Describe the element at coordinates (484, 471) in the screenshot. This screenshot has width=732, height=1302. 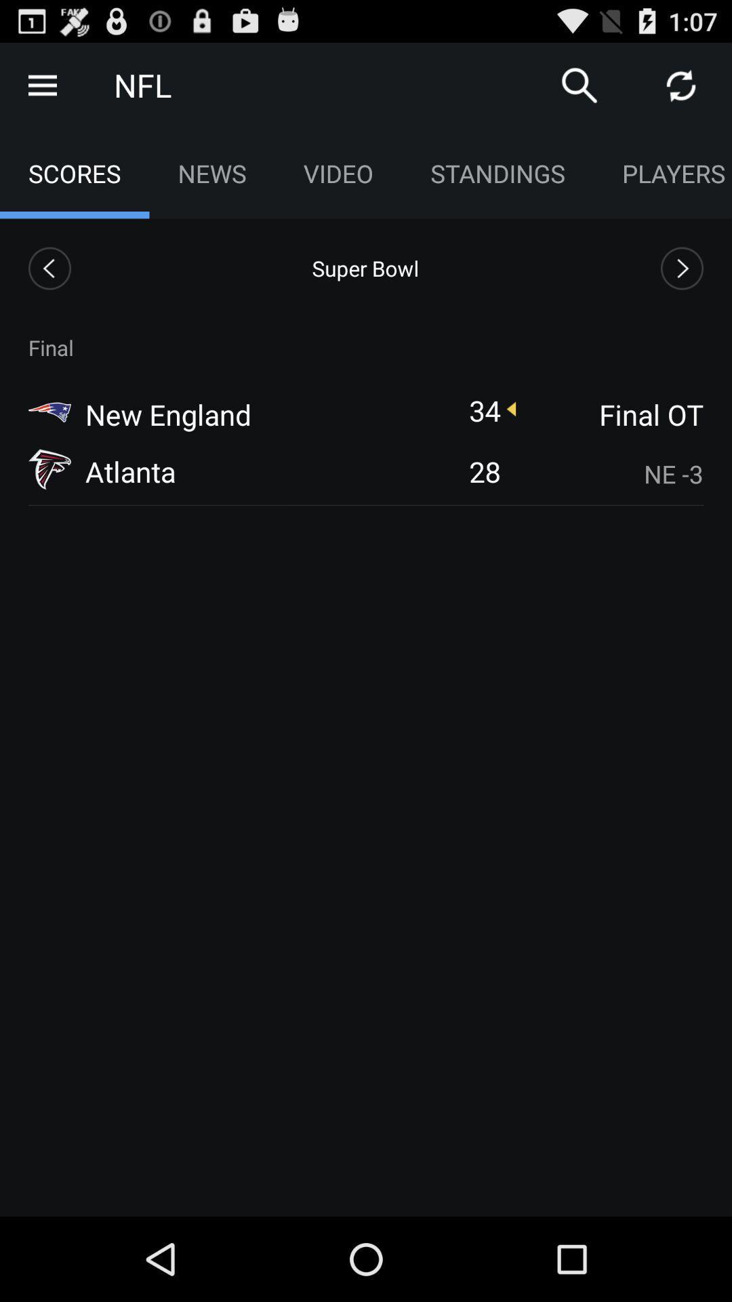
I see `the item below 34 app` at that location.